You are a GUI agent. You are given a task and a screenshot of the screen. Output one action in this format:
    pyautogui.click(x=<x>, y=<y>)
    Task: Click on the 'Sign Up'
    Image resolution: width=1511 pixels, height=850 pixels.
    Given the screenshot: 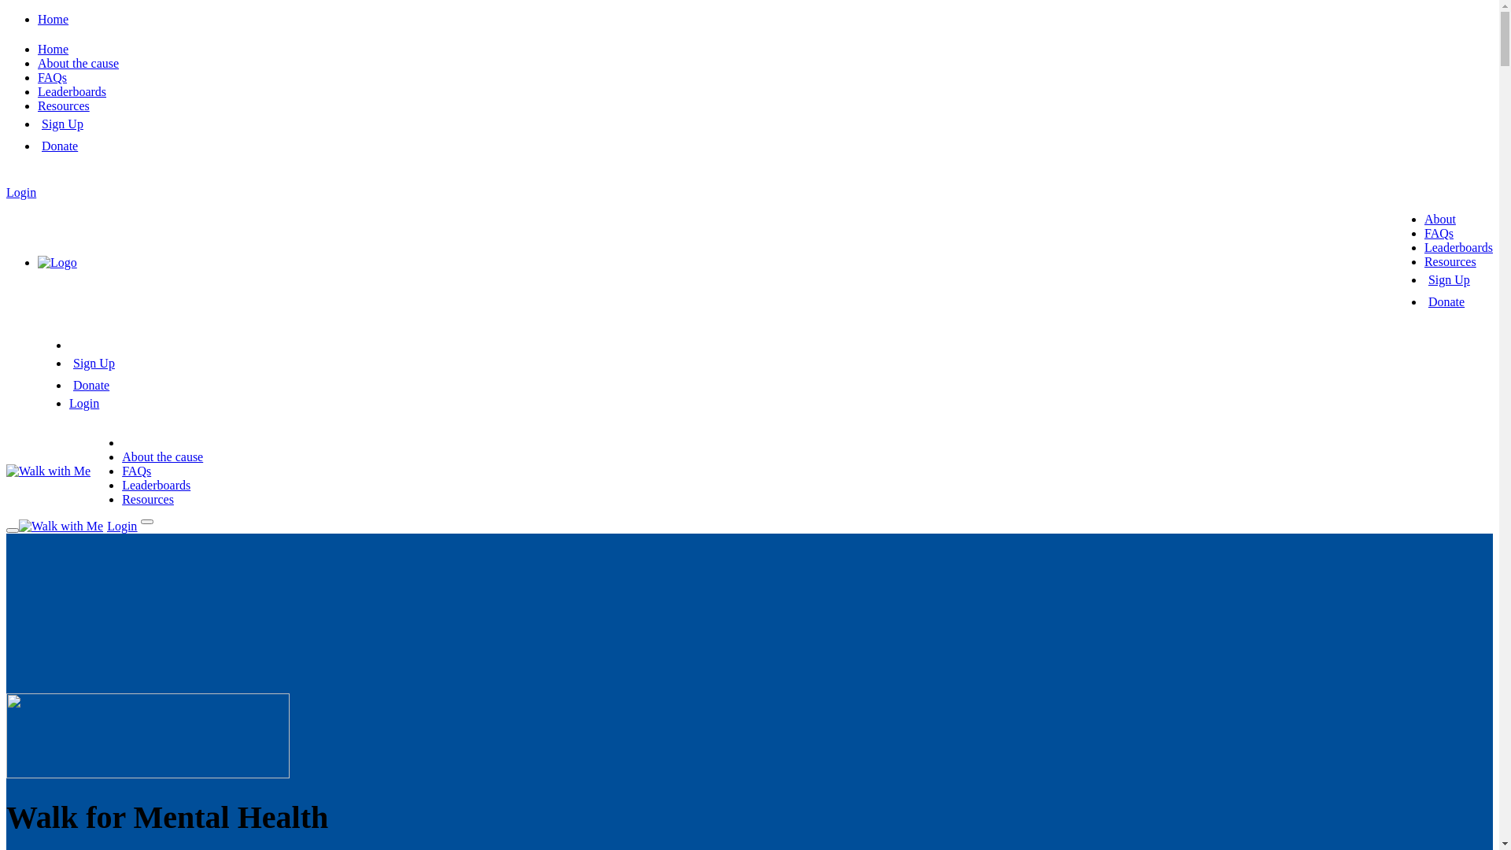 What is the action you would take?
    pyautogui.click(x=1428, y=279)
    